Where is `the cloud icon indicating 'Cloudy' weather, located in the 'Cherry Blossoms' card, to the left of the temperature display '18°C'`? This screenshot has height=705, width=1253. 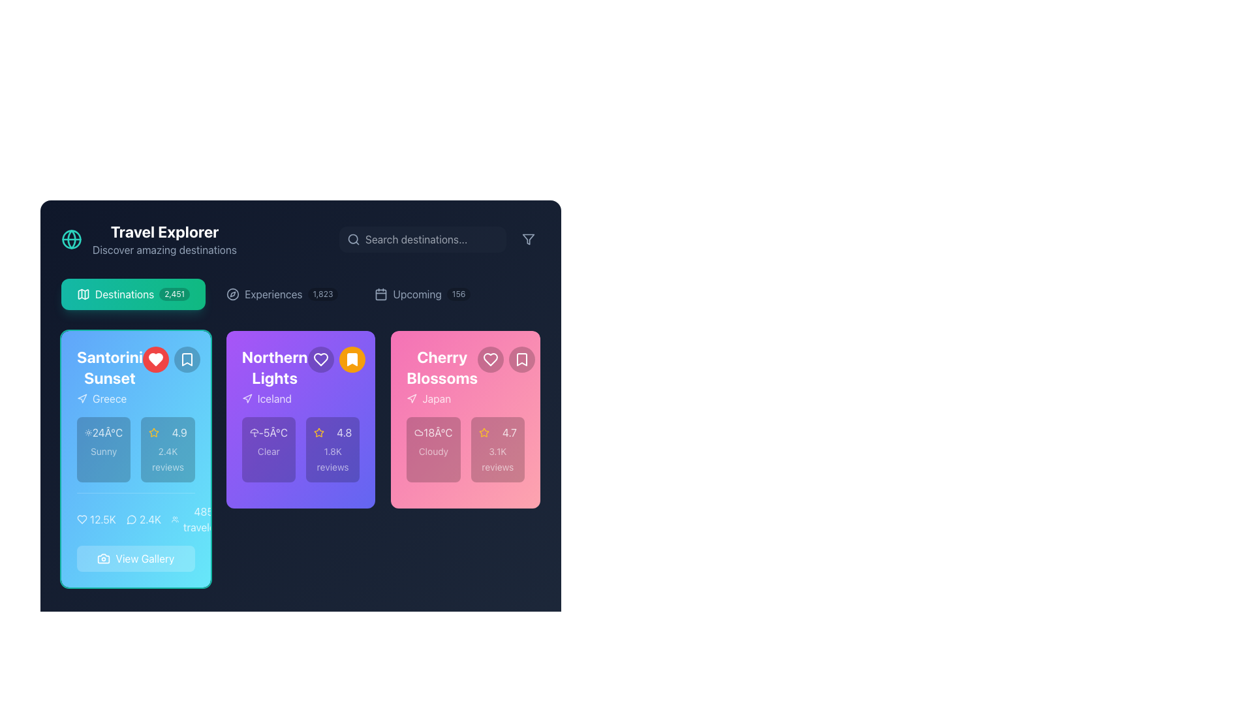 the cloud icon indicating 'Cloudy' weather, located in the 'Cherry Blossoms' card, to the left of the temperature display '18°C' is located at coordinates (419, 433).